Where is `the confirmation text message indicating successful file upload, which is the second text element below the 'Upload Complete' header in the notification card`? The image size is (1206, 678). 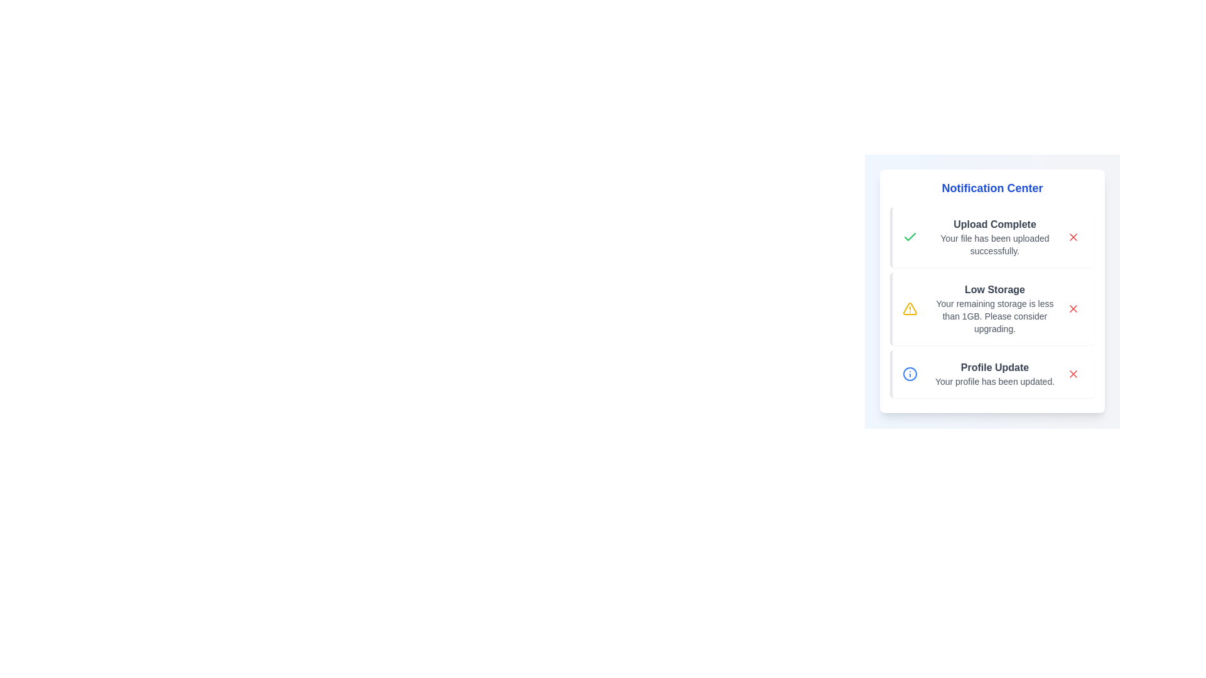
the confirmation text message indicating successful file upload, which is the second text element below the 'Upload Complete' header in the notification card is located at coordinates (994, 244).